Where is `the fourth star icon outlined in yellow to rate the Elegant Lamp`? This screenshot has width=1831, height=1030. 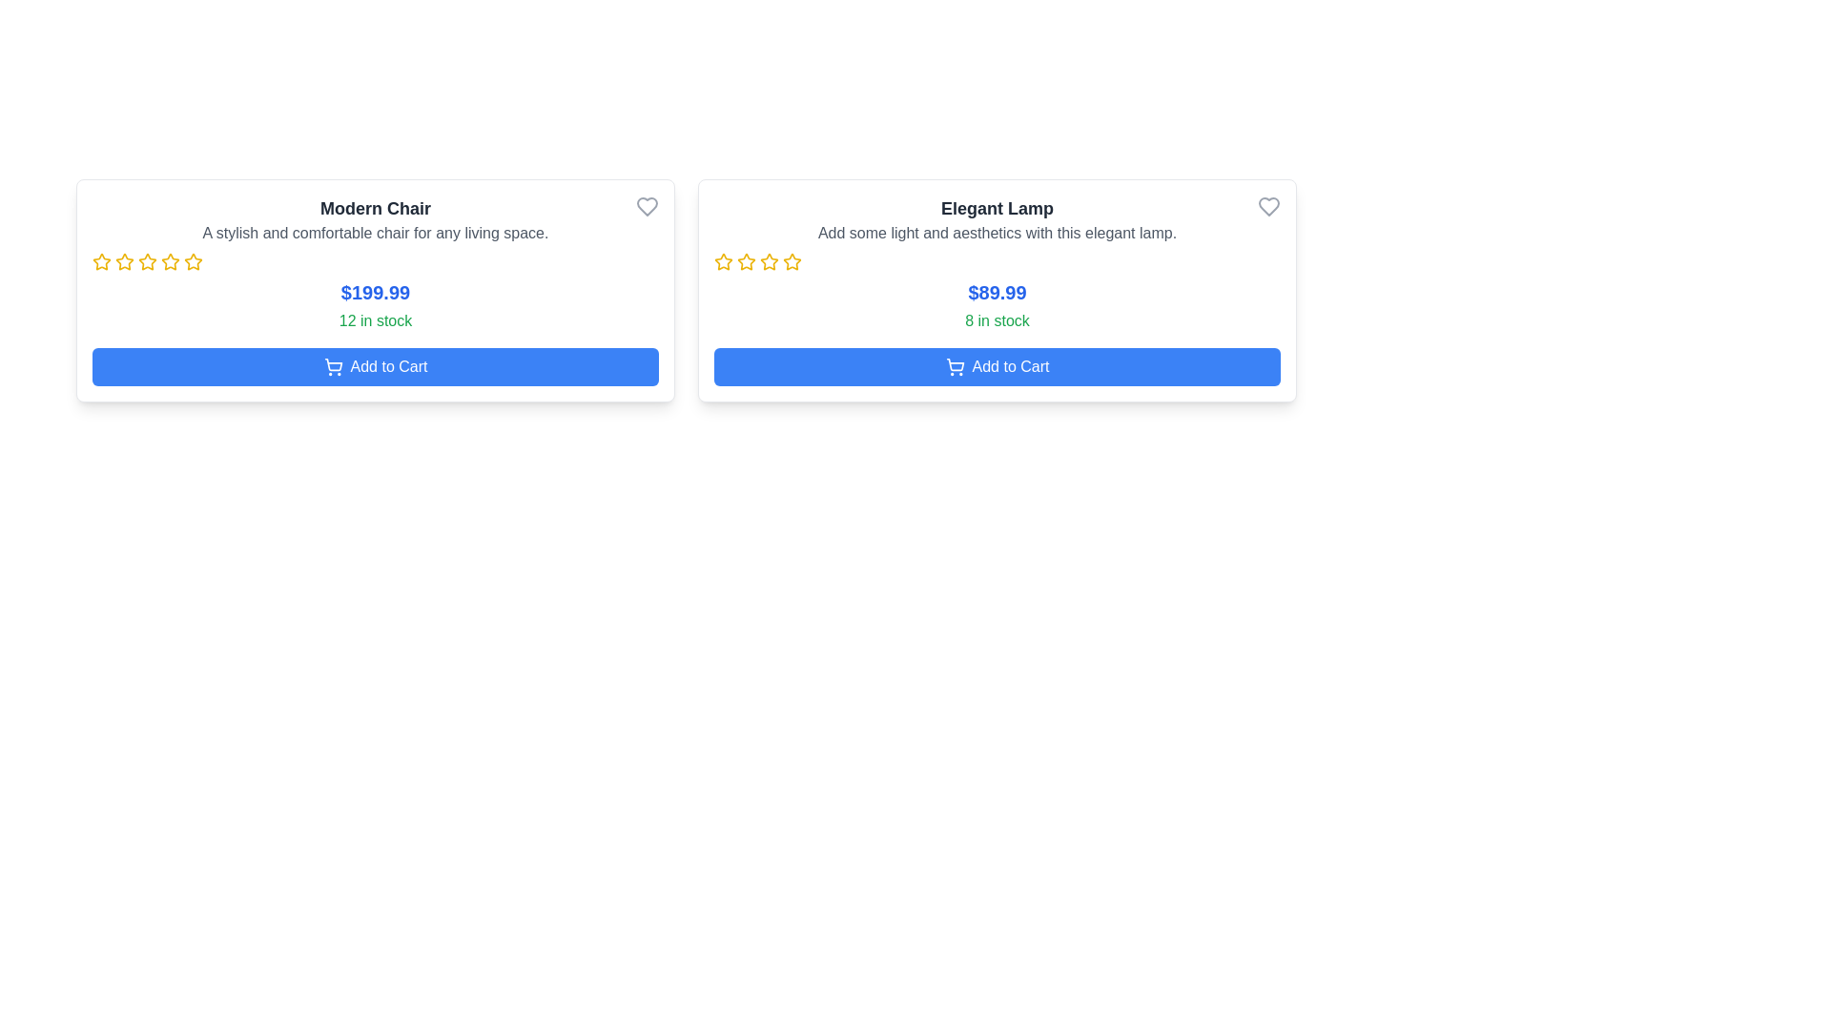
the fourth star icon outlined in yellow to rate the Elegant Lamp is located at coordinates (769, 261).